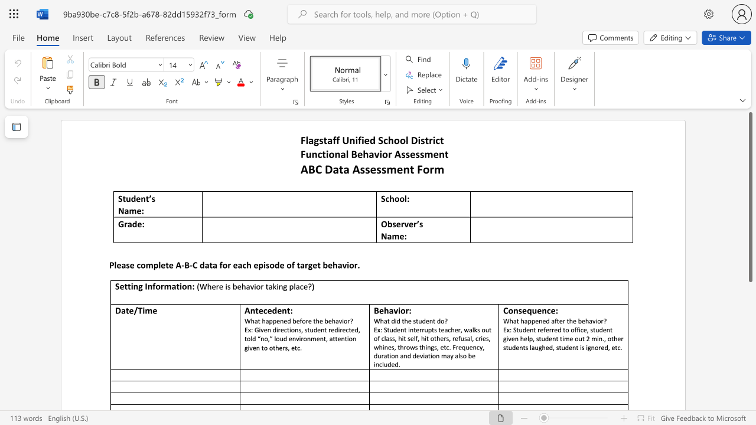 This screenshot has width=756, height=425. Describe the element at coordinates (322, 153) in the screenshot. I see `the subset text "tional B" within the text "Functional Behavior Assessment"` at that location.